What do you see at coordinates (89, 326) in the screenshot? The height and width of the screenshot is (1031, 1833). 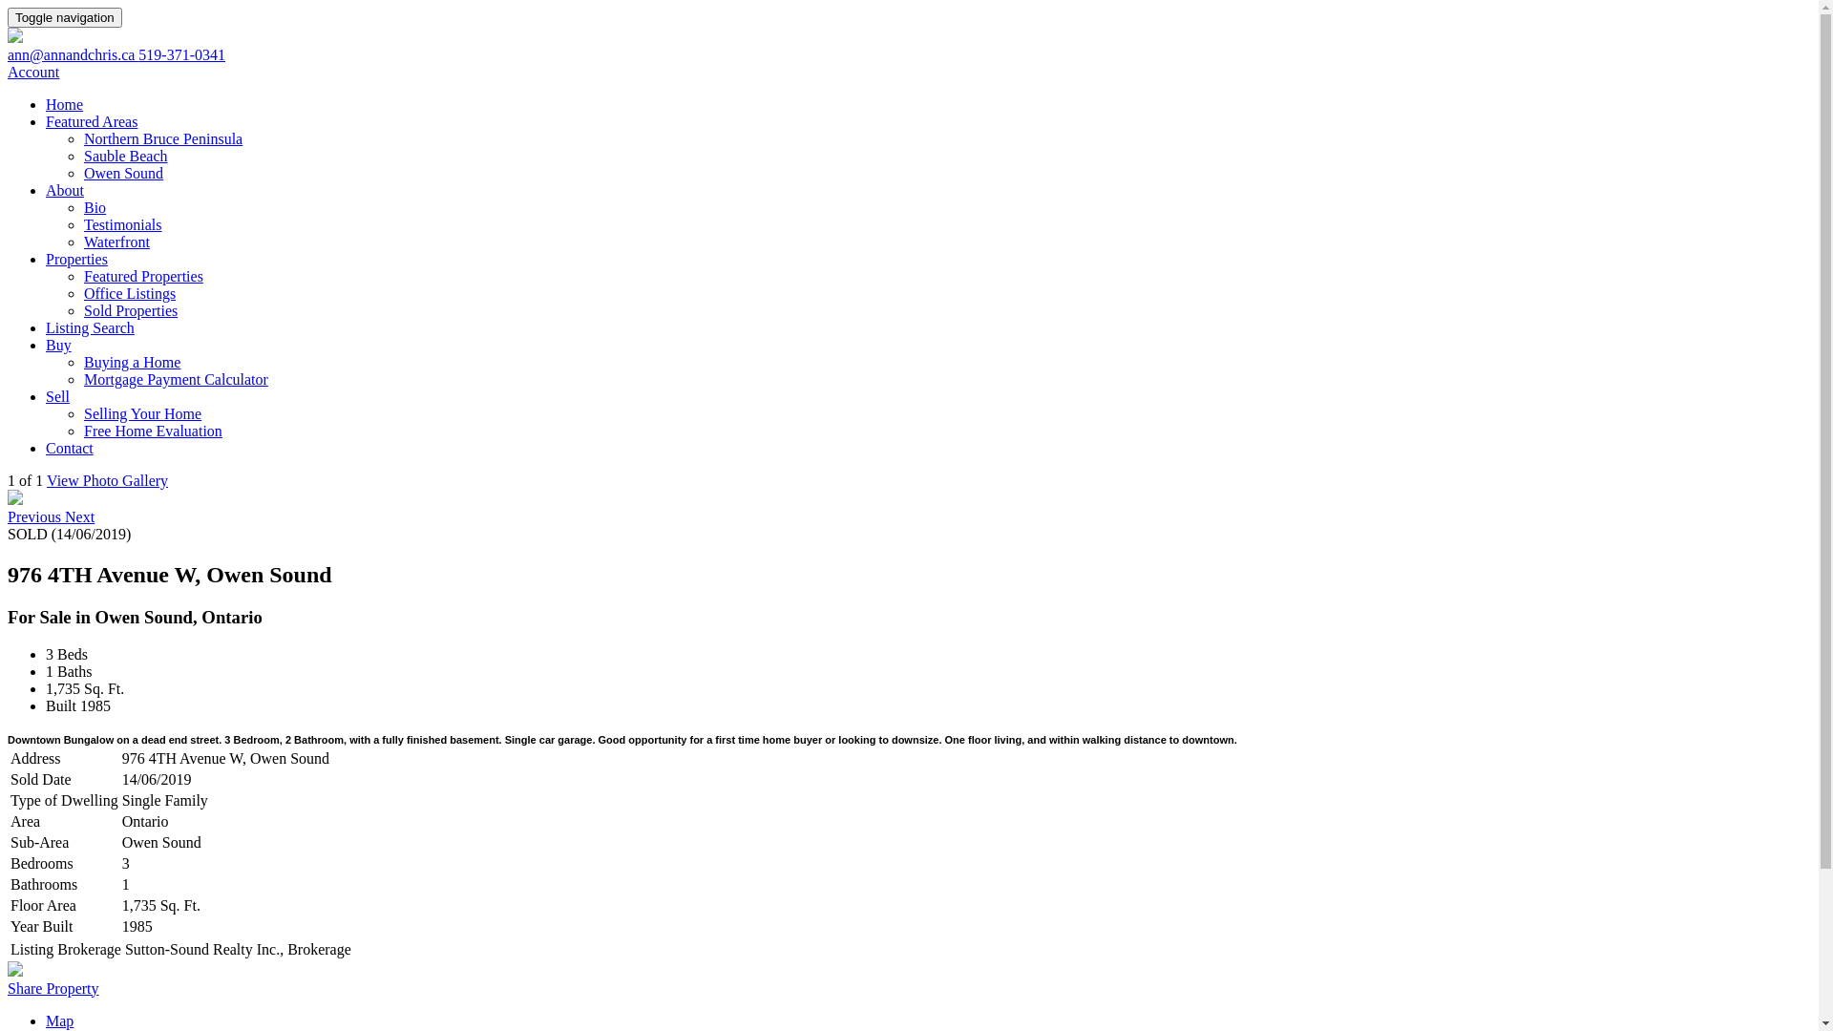 I see `'Listing Search'` at bounding box center [89, 326].